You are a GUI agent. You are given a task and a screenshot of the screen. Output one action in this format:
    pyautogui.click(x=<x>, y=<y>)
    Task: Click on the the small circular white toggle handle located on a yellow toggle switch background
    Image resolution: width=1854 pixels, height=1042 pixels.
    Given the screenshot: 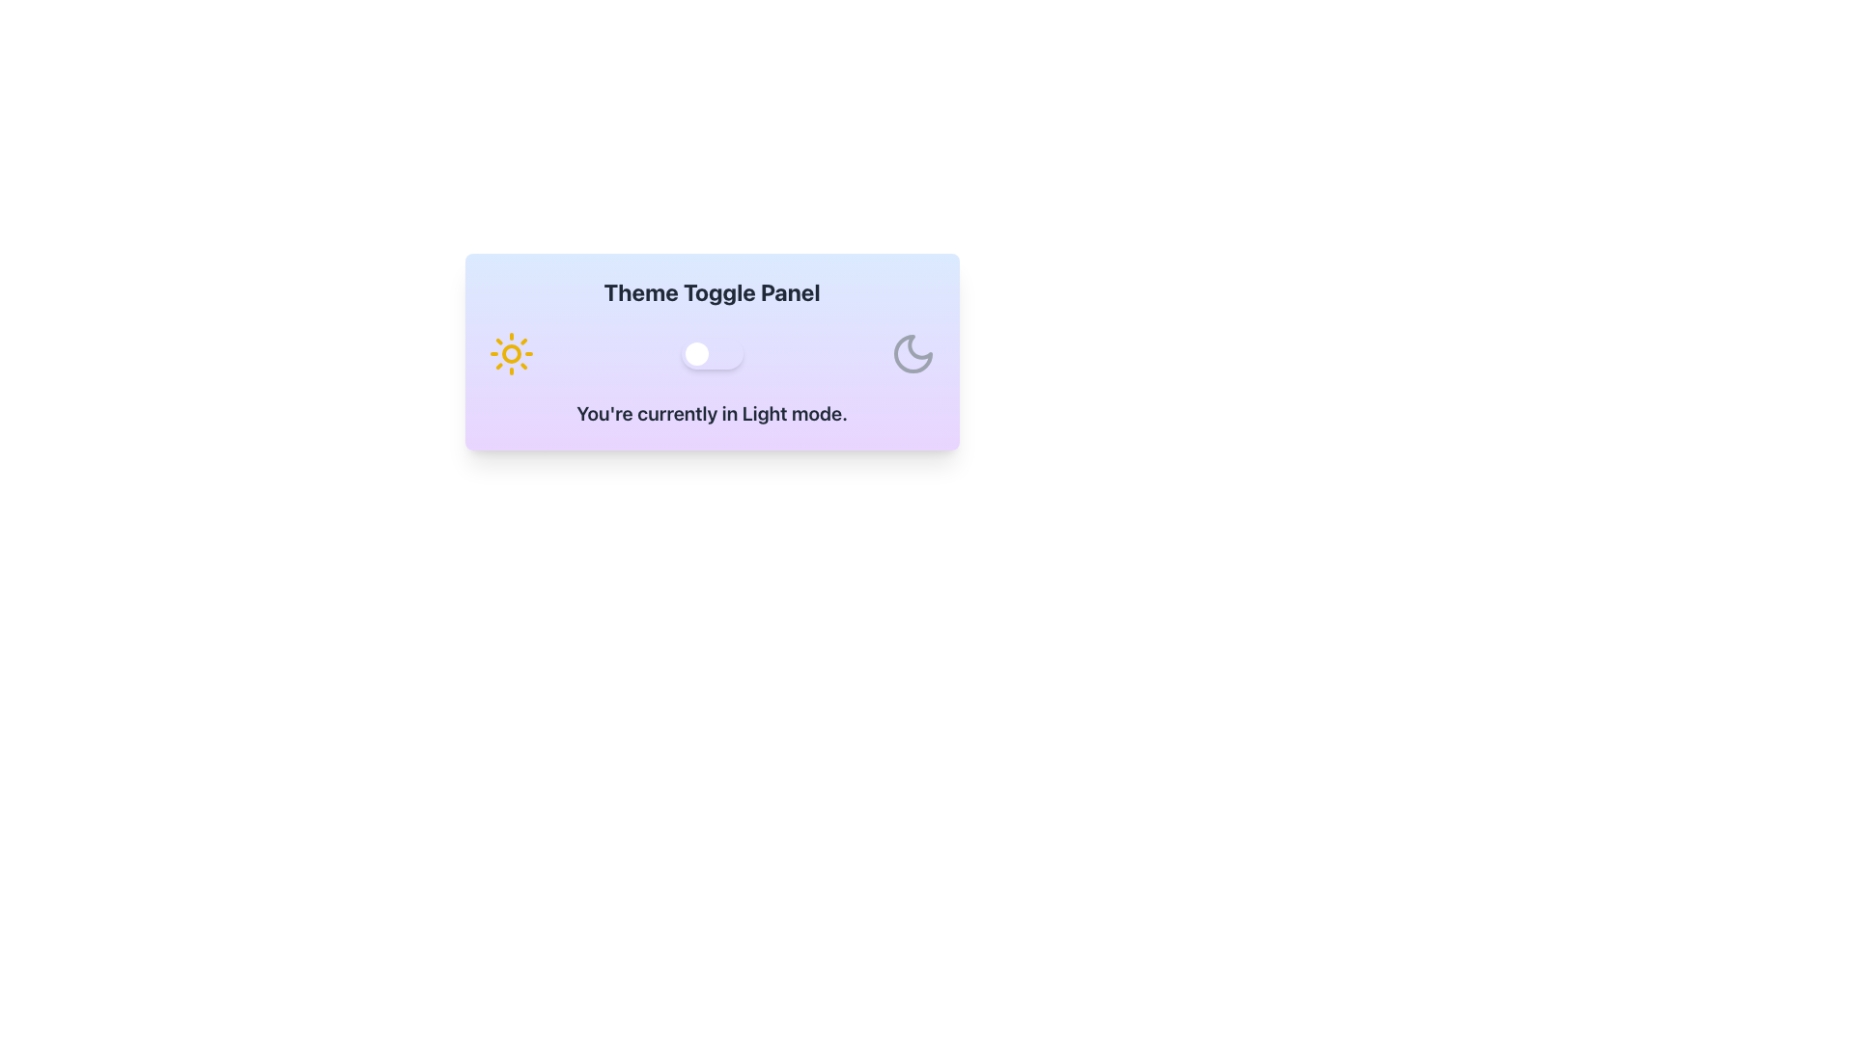 What is the action you would take?
    pyautogui.click(x=695, y=353)
    